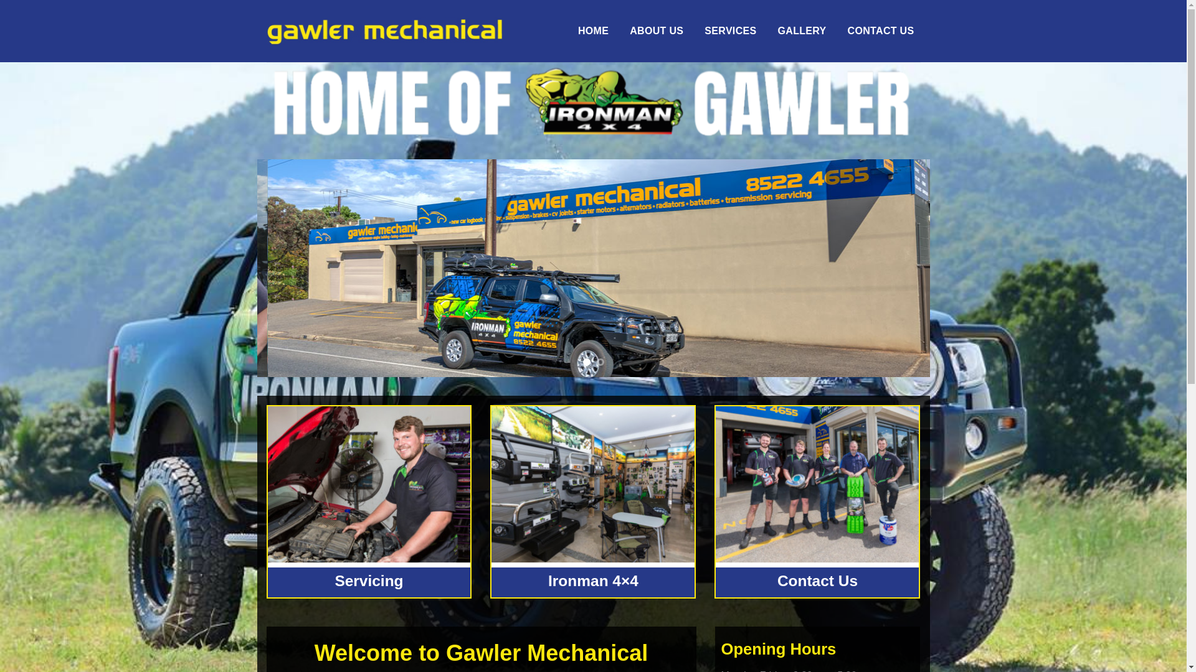 Image resolution: width=1196 pixels, height=672 pixels. Describe the element at coordinates (624, 30) in the screenshot. I see `'ABOUT US'` at that location.